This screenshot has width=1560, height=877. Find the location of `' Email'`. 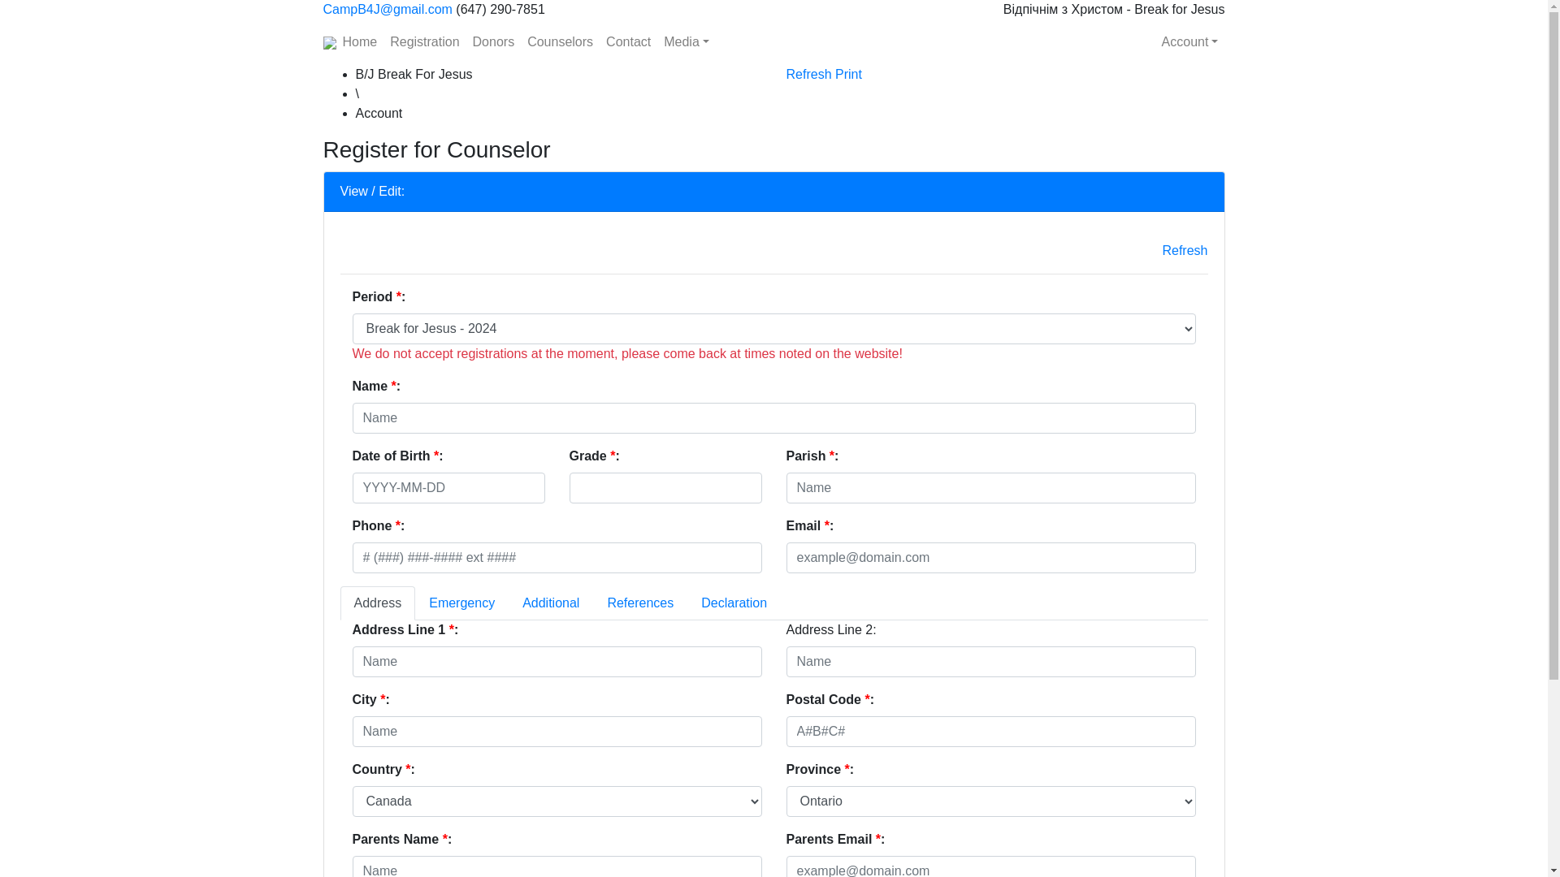

' Email' is located at coordinates (990, 556).